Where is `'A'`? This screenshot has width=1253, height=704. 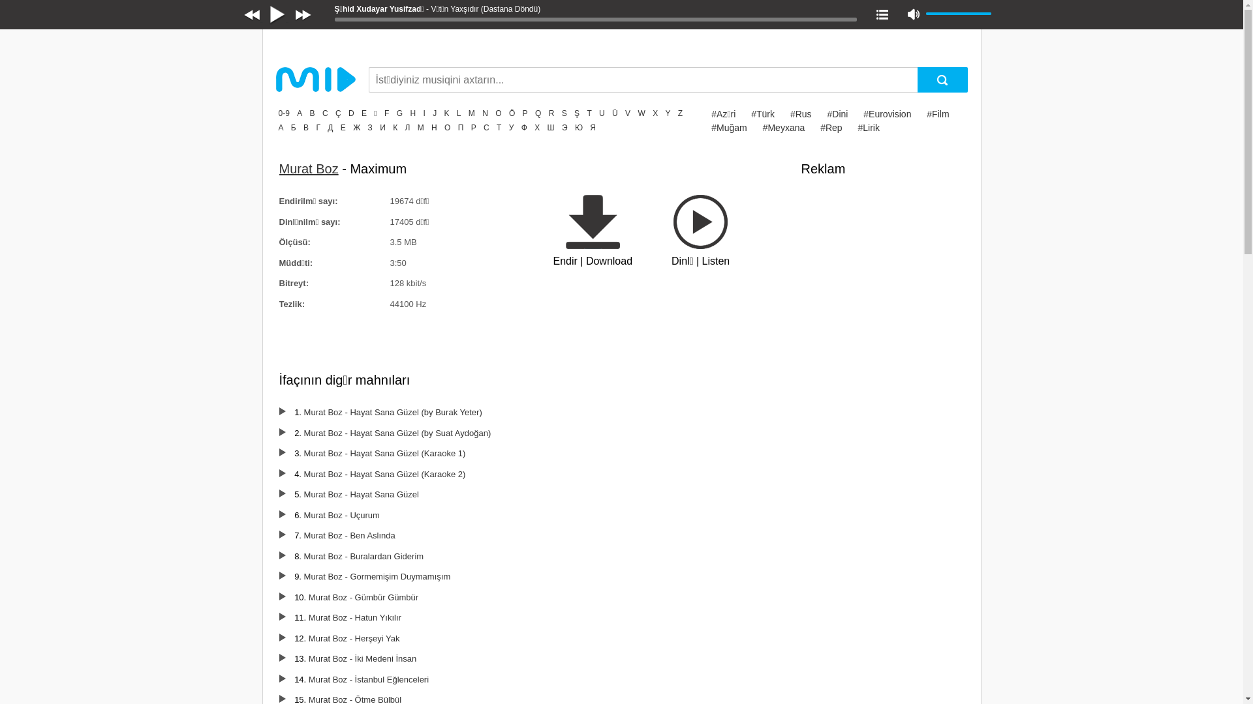 'A' is located at coordinates (299, 112).